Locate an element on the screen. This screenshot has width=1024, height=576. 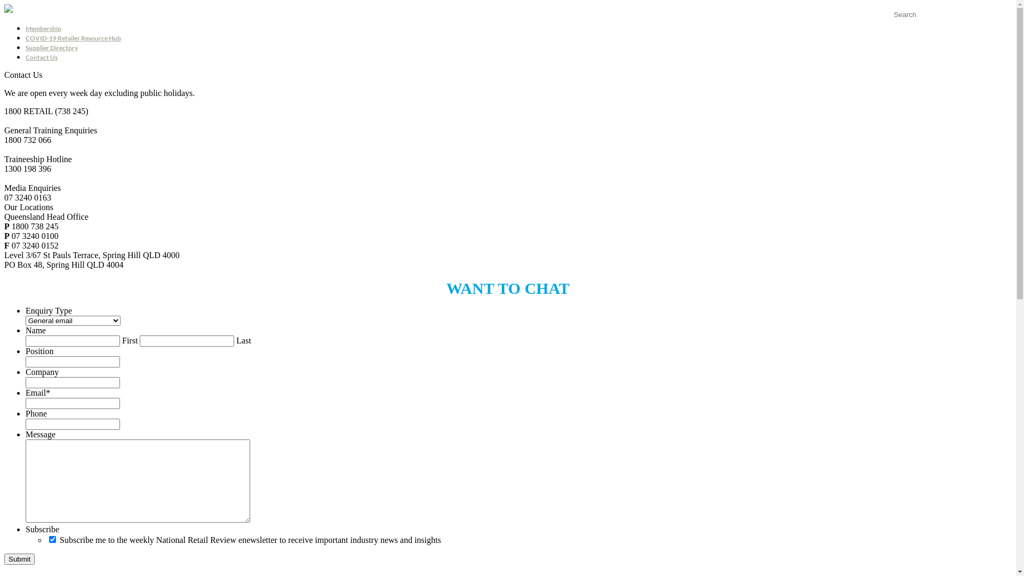
'Member Resources Portal Login' is located at coordinates (888, 24).